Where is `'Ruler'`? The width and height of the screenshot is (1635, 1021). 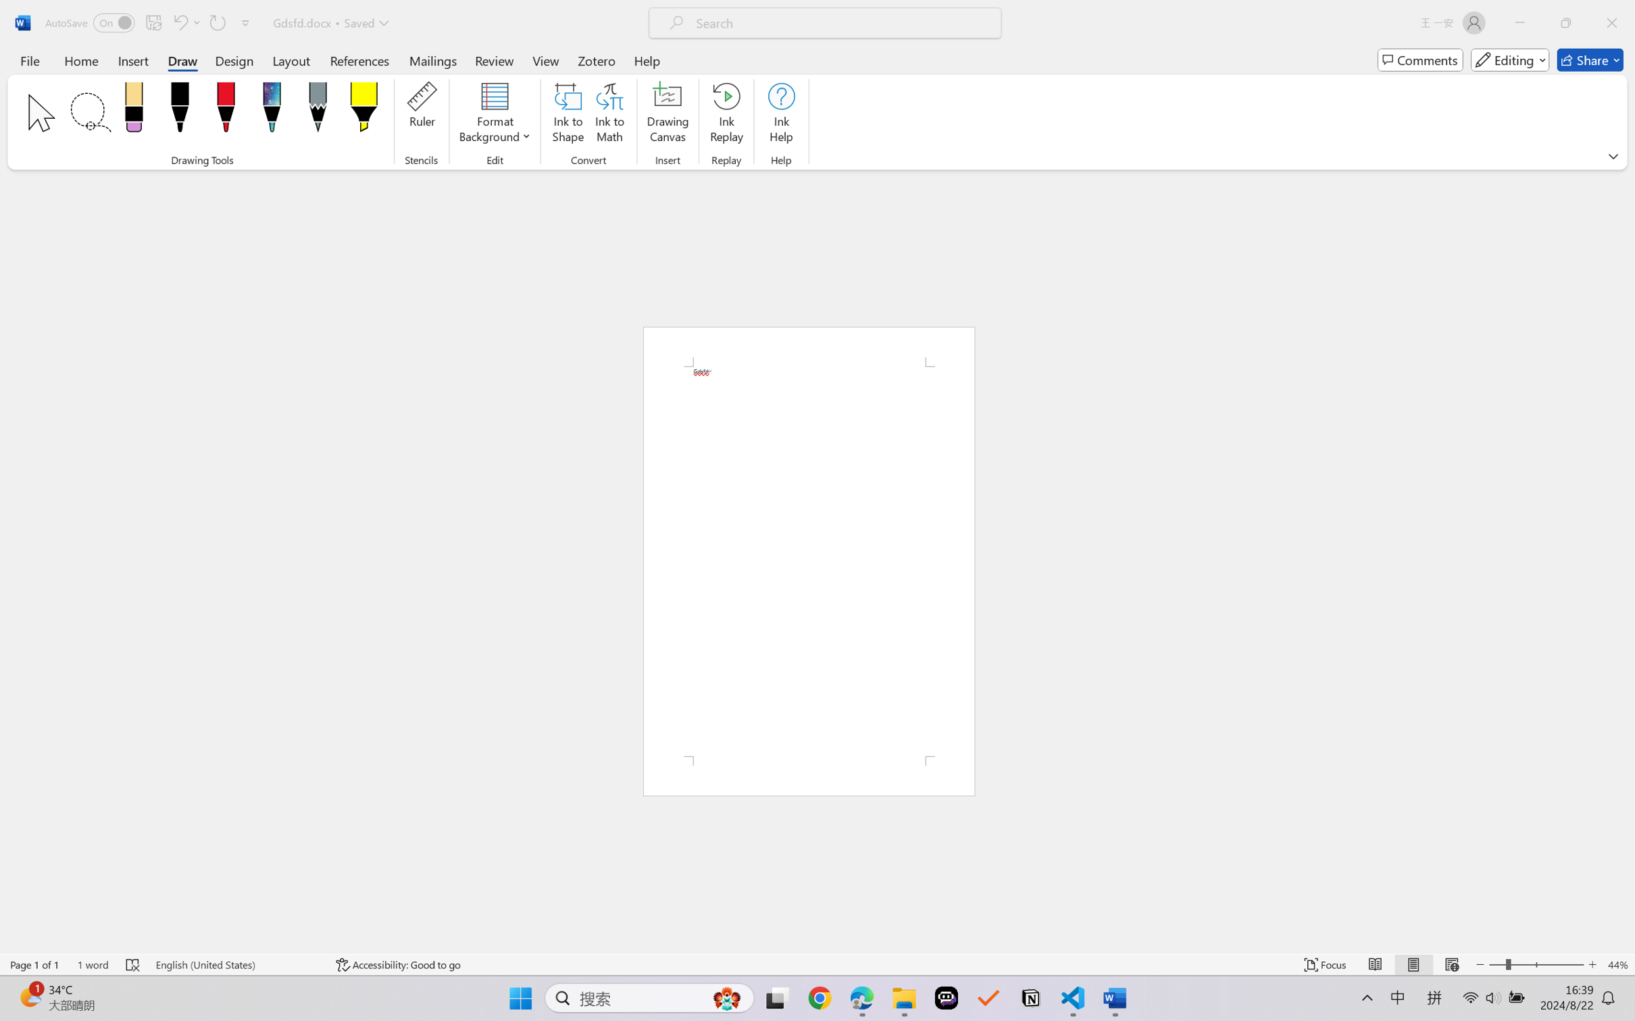 'Ruler' is located at coordinates (422, 115).